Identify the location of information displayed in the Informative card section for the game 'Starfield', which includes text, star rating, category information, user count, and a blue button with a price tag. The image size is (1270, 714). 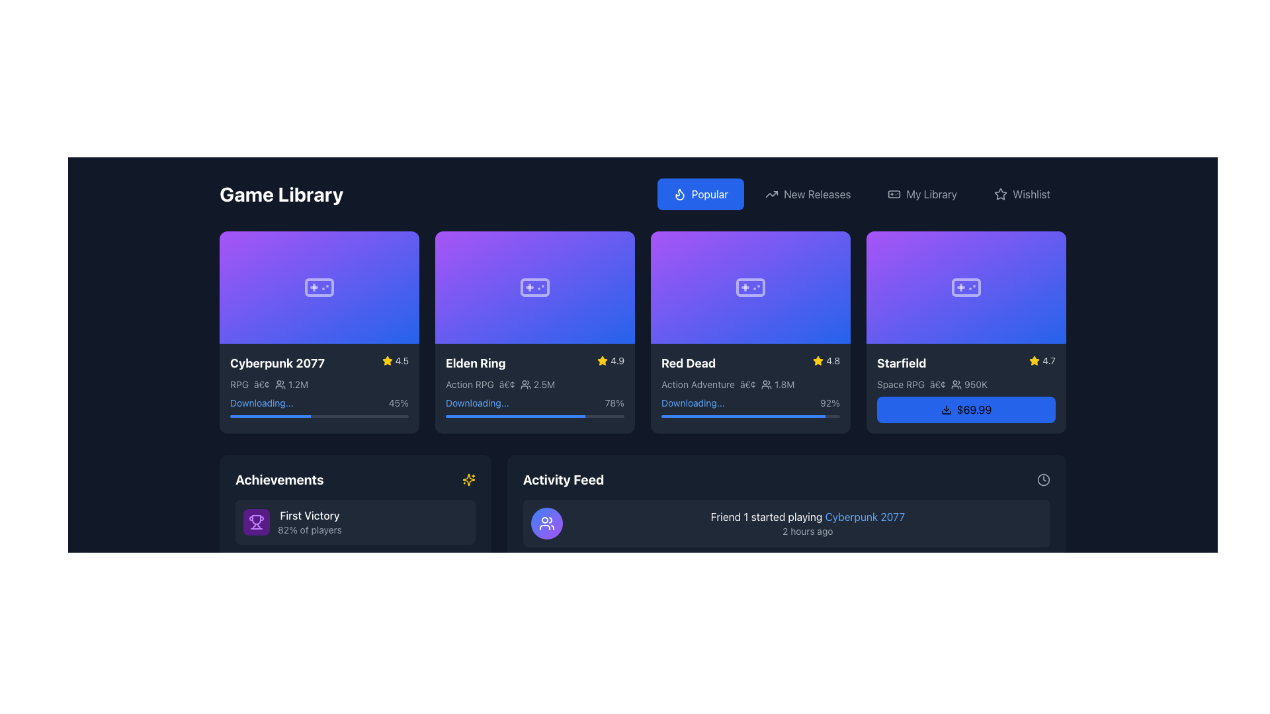
(966, 387).